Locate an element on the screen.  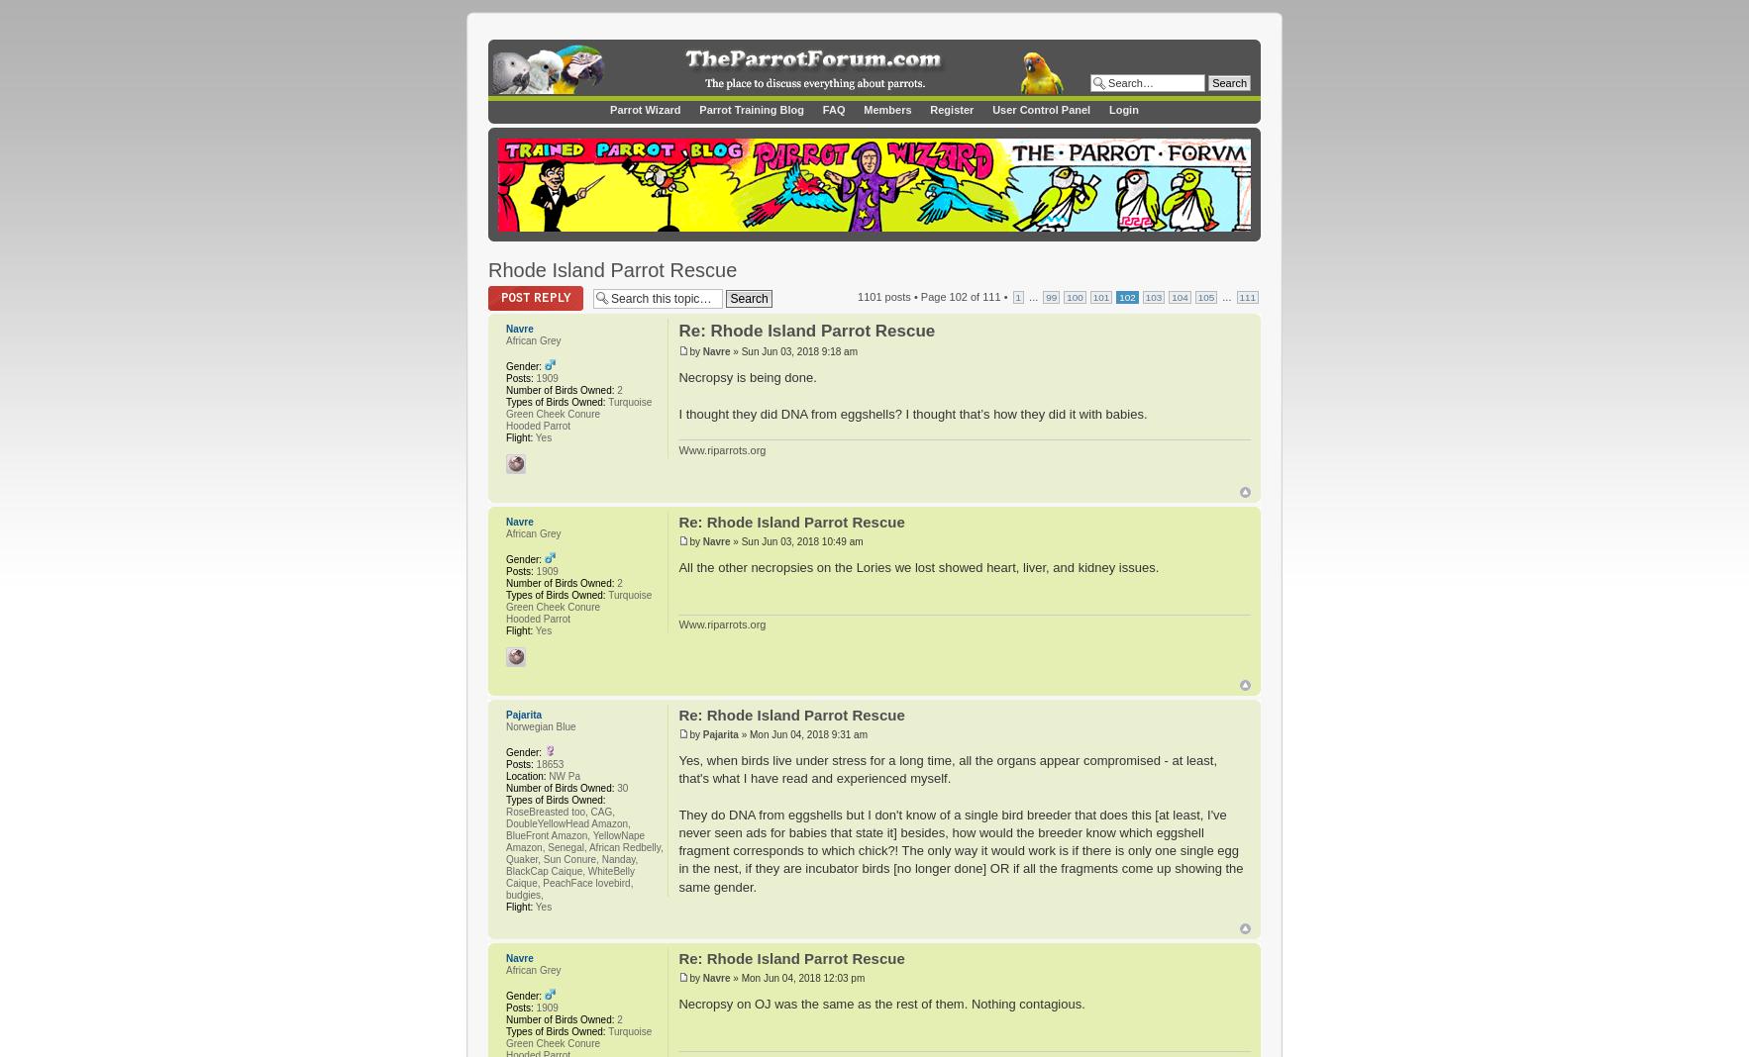
'» Mon Jun 04, 2018 9:31 am' is located at coordinates (802, 734).